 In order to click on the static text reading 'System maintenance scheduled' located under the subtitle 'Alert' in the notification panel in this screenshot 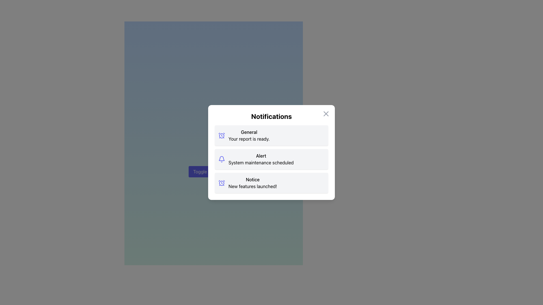, I will do `click(261, 162)`.